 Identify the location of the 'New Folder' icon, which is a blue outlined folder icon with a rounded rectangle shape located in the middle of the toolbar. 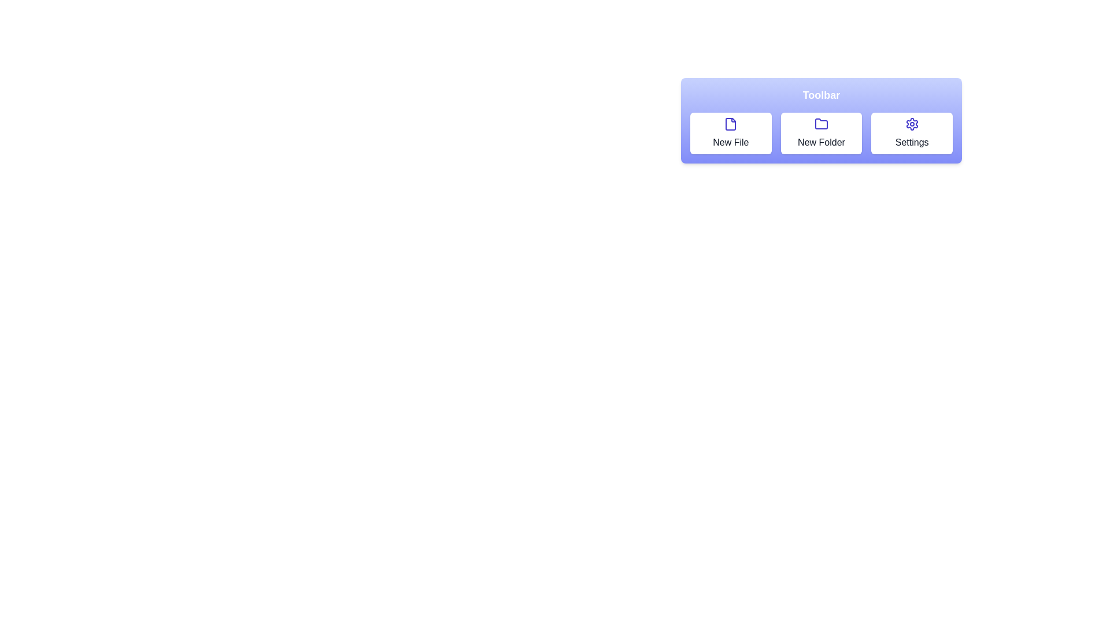
(820, 123).